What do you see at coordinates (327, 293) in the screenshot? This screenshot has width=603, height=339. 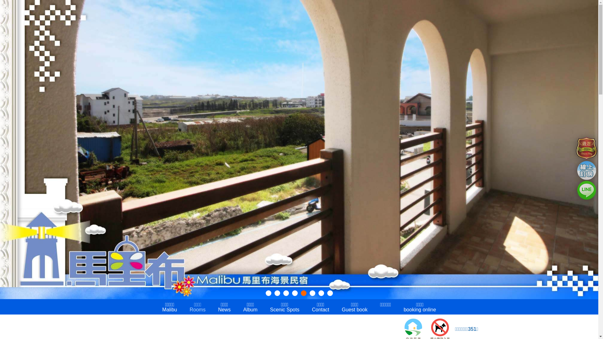 I see `'8'` at bounding box center [327, 293].